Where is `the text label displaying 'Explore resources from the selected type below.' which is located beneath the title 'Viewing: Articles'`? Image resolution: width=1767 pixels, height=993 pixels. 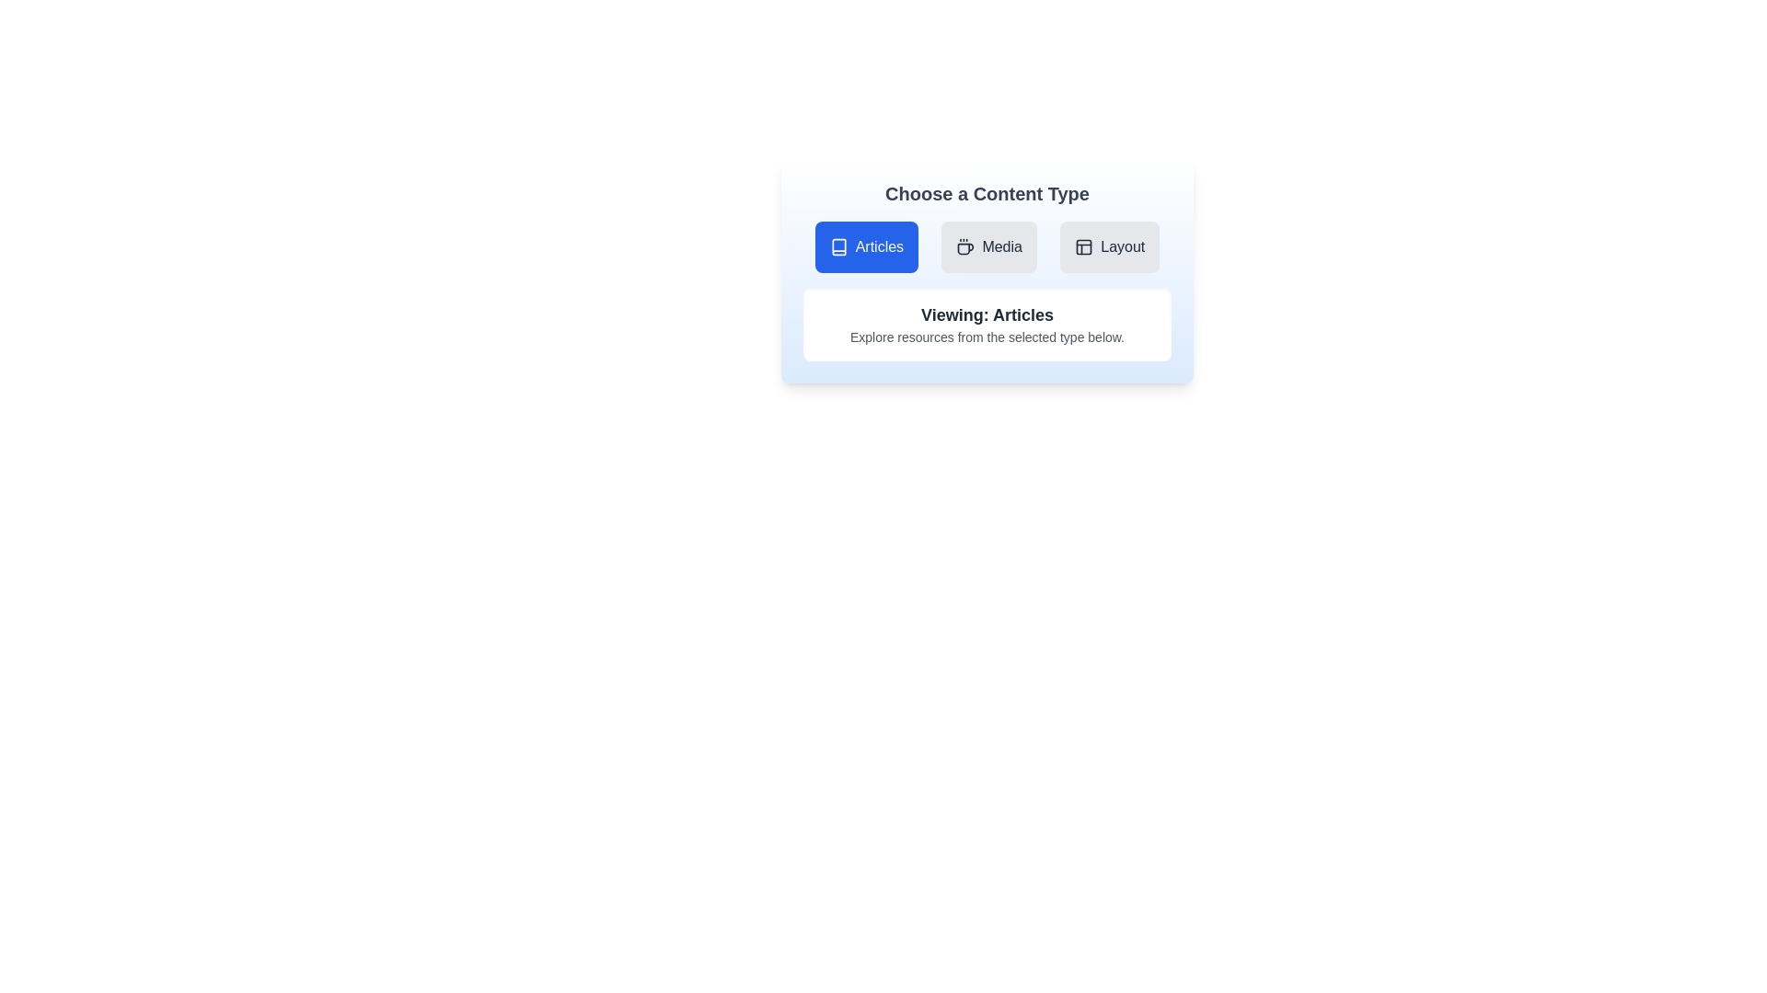
the text label displaying 'Explore resources from the selected type below.' which is located beneath the title 'Viewing: Articles' is located at coordinates (987, 337).